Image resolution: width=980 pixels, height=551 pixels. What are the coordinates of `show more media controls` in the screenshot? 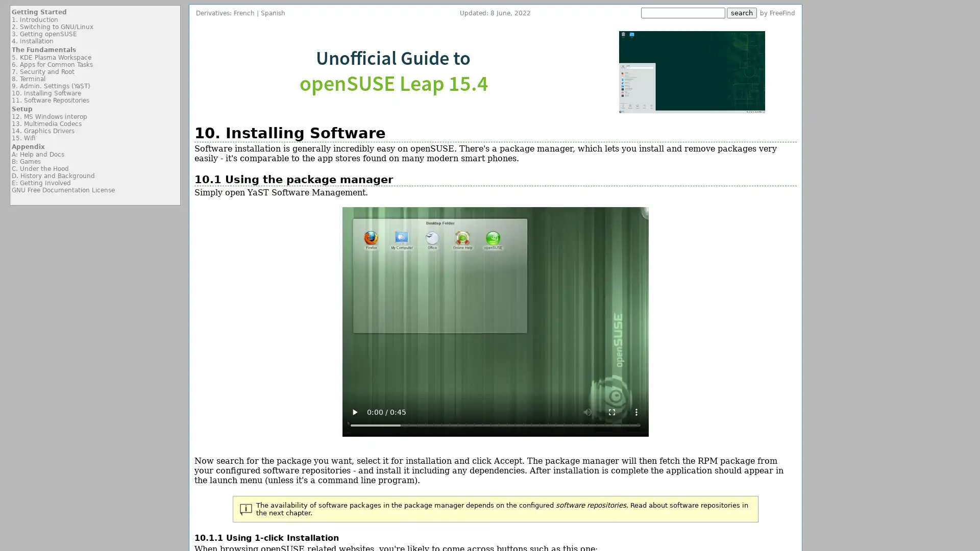 It's located at (635, 411).